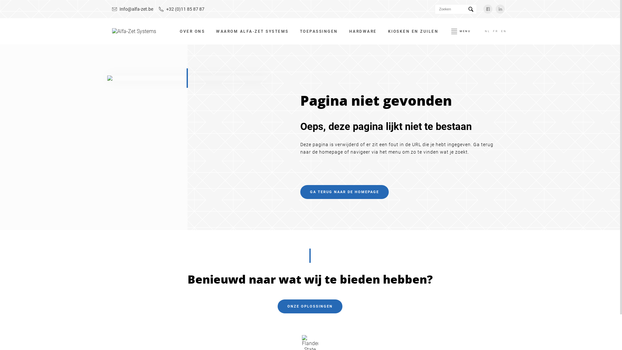 This screenshot has width=622, height=350. I want to click on 'FR', so click(495, 31).